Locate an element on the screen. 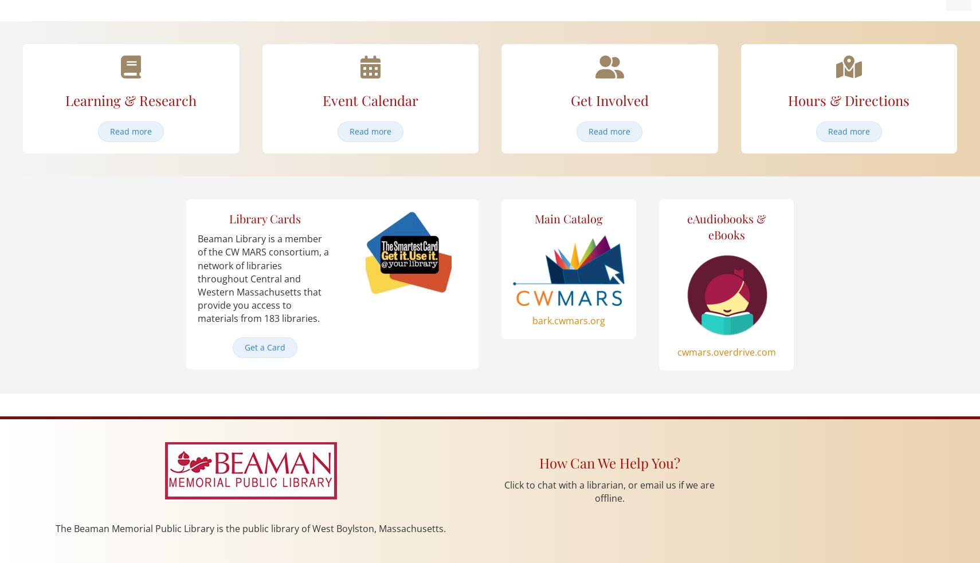 This screenshot has height=563, width=980. 'Main Catalog' is located at coordinates (534, 218).